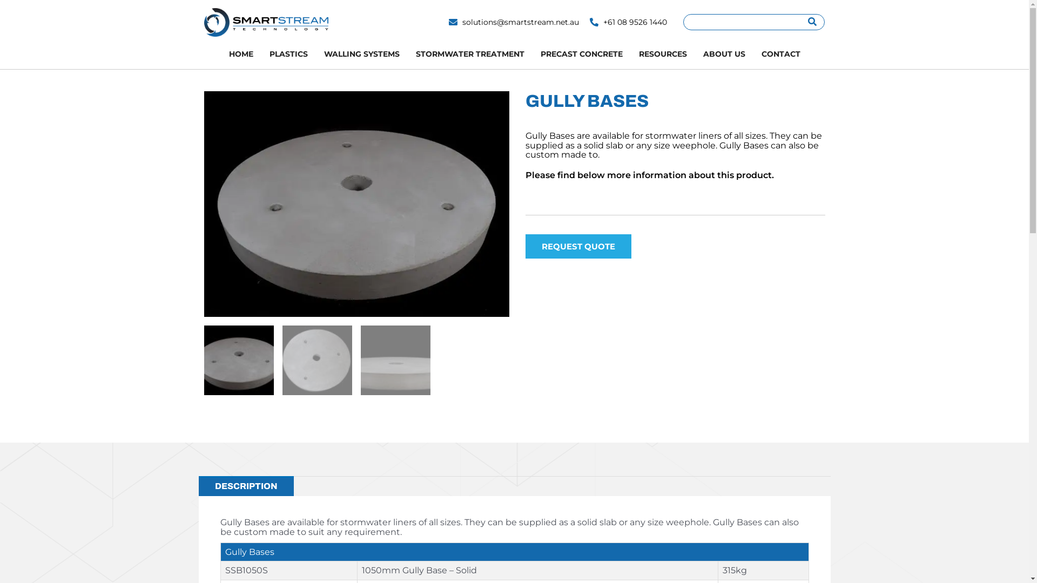  What do you see at coordinates (628, 22) in the screenshot?
I see `'+61 08 9526 1440'` at bounding box center [628, 22].